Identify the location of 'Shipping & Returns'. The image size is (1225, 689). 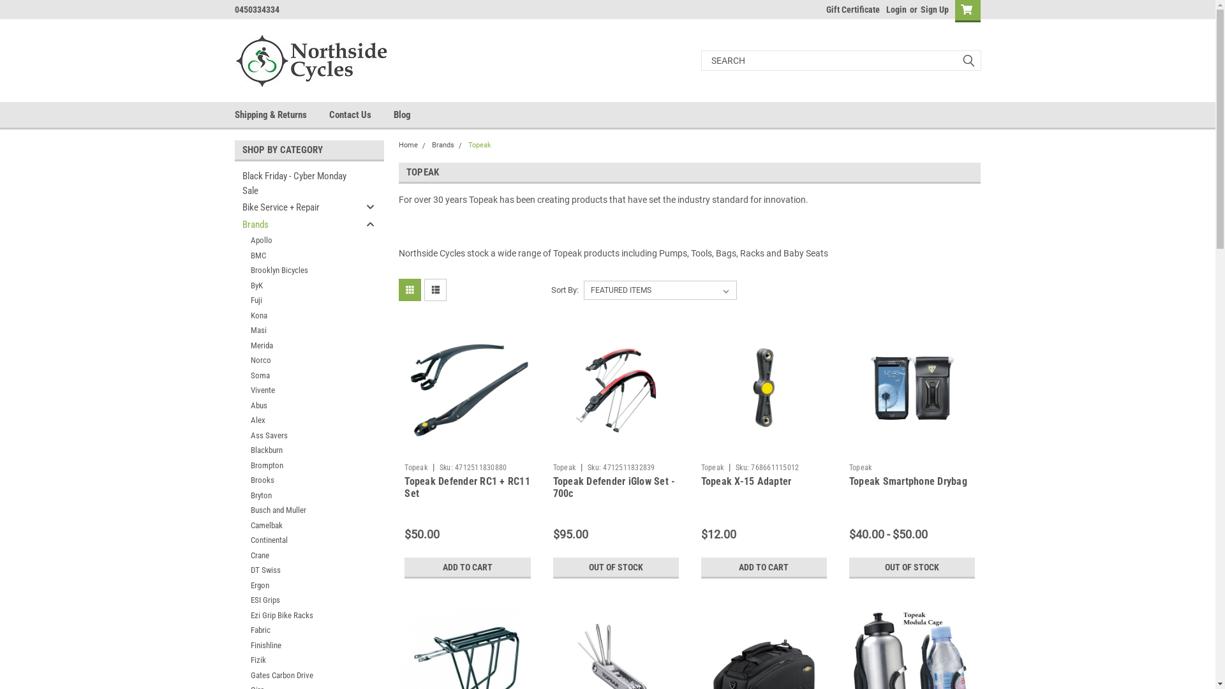
(235, 115).